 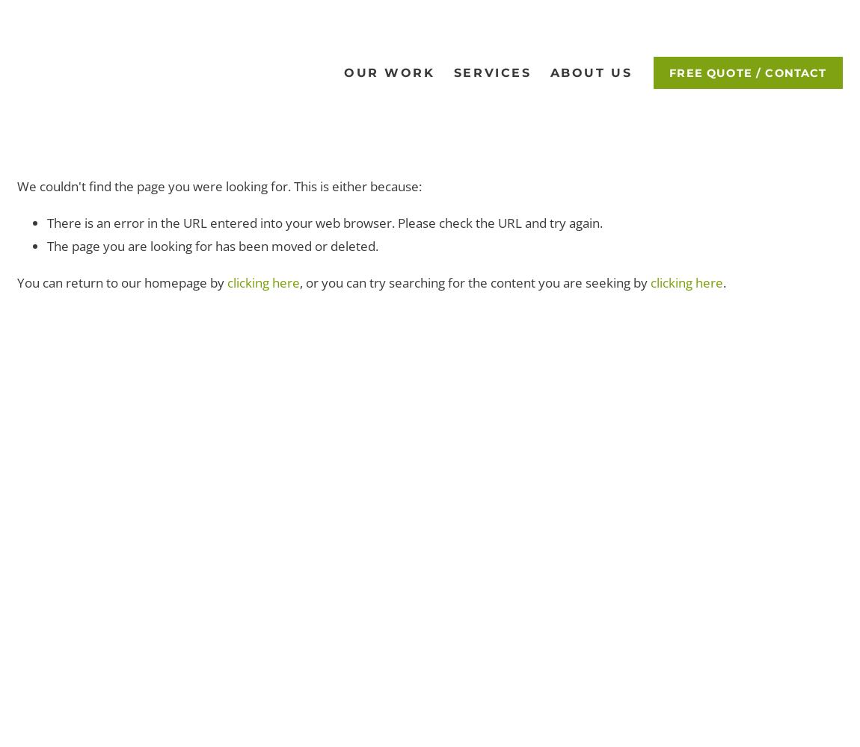 What do you see at coordinates (325, 222) in the screenshot?
I see `'There is an error in the URL entered into your web browser. Please check the URL and try again.'` at bounding box center [325, 222].